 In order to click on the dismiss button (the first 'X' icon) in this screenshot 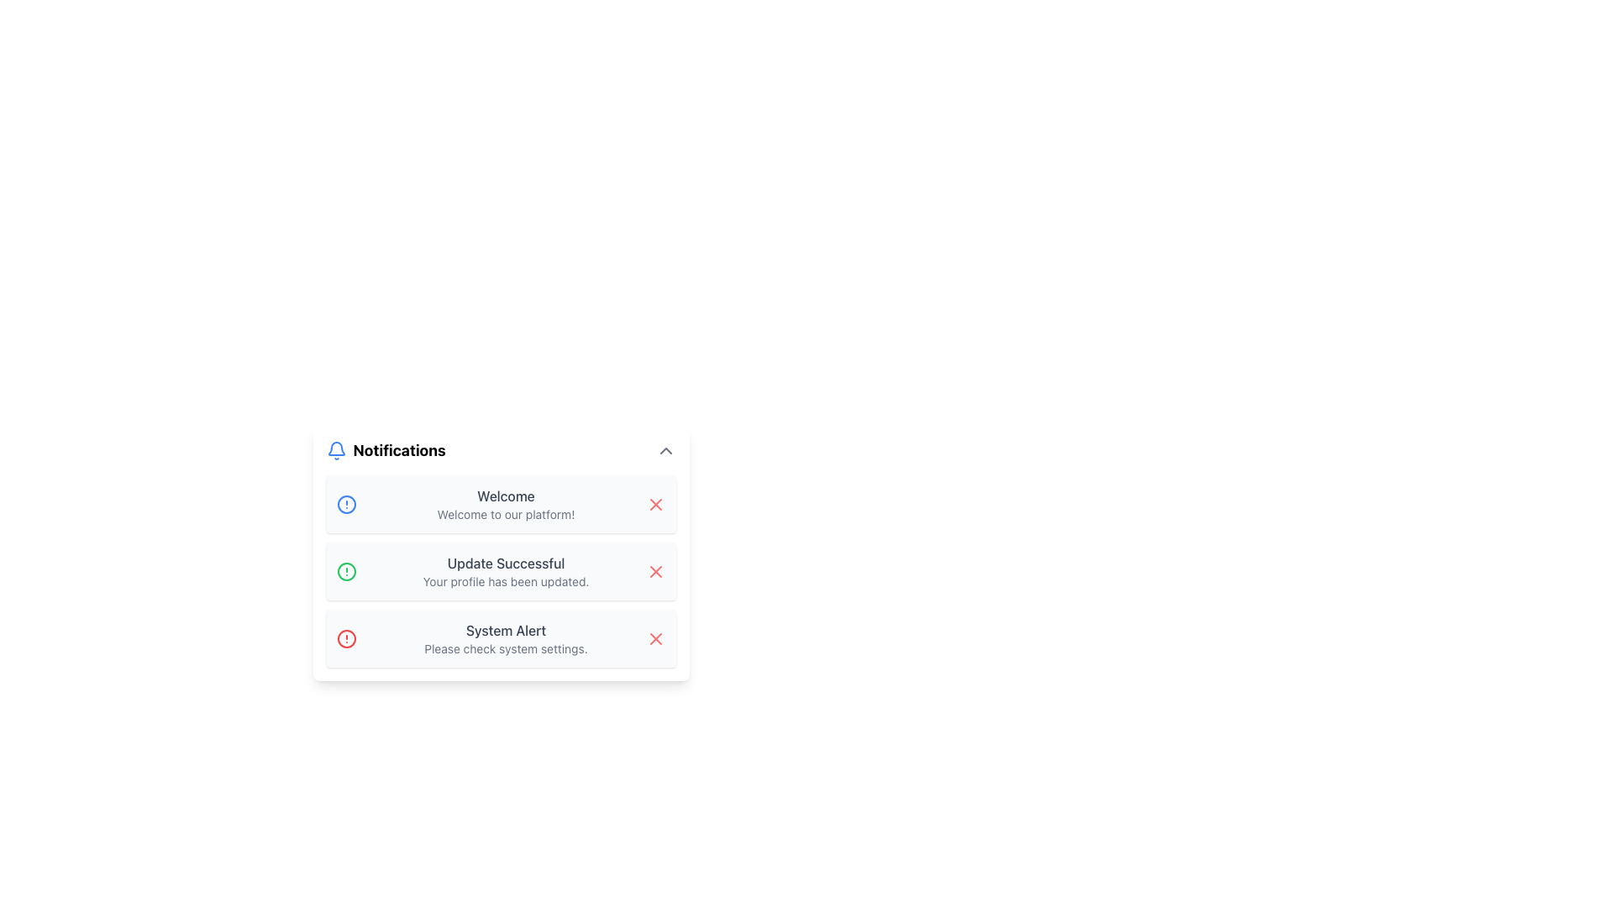, I will do `click(654, 504)`.